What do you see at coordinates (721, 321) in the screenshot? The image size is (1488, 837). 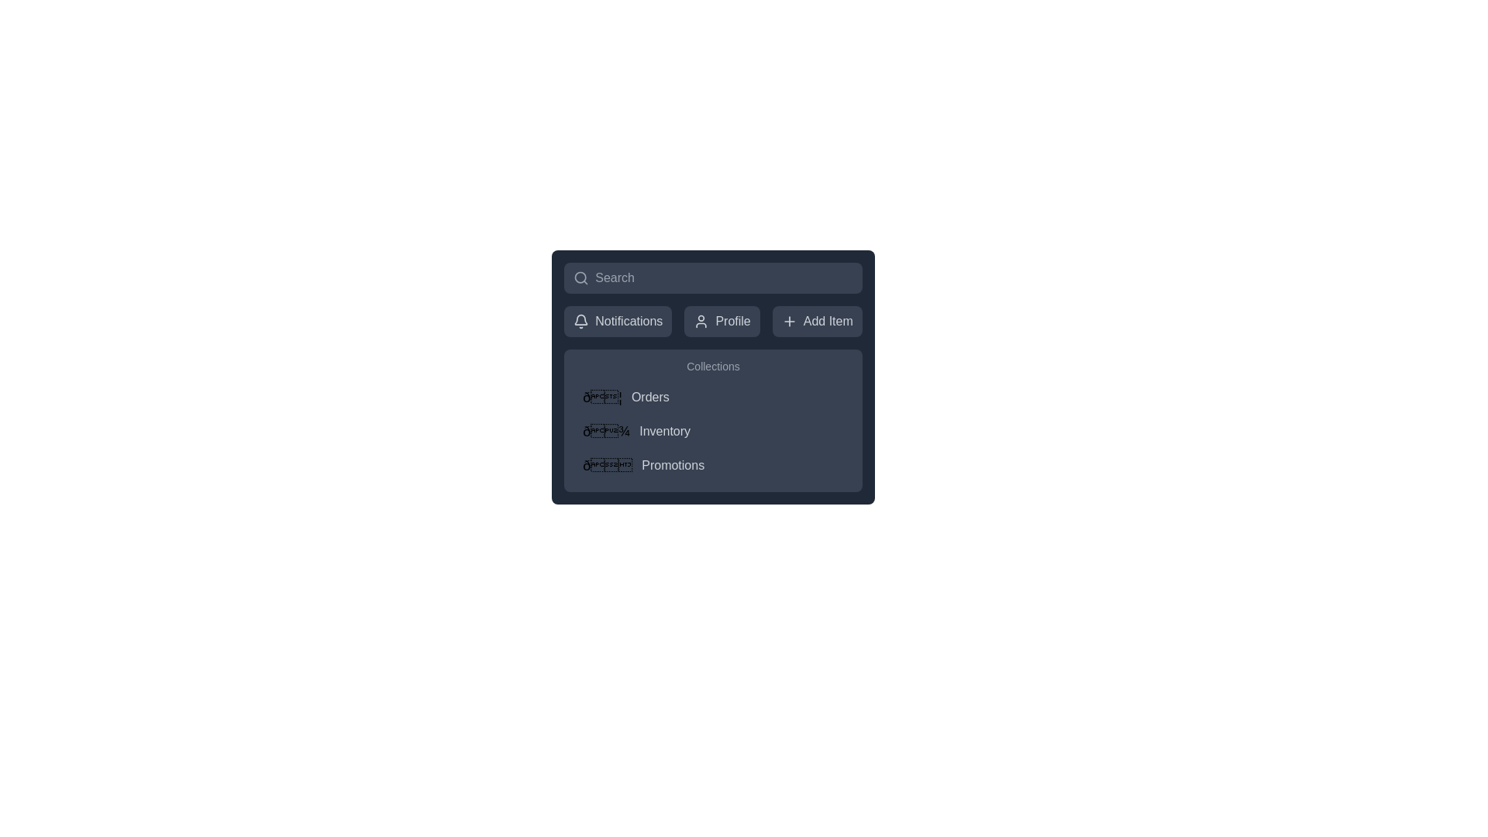 I see `the profile settings button located between the 'Notifications' button and the 'Add Item' button` at bounding box center [721, 321].